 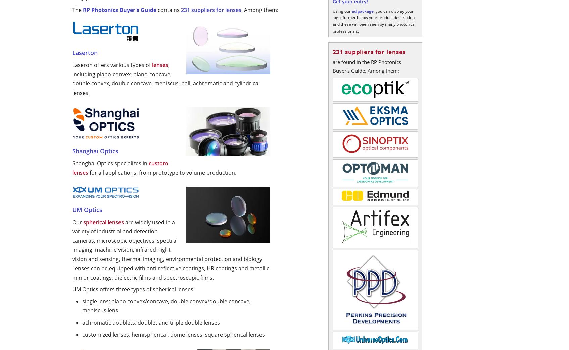 I want to click on 'RP Photonics Buyer's Guide', so click(x=119, y=9).